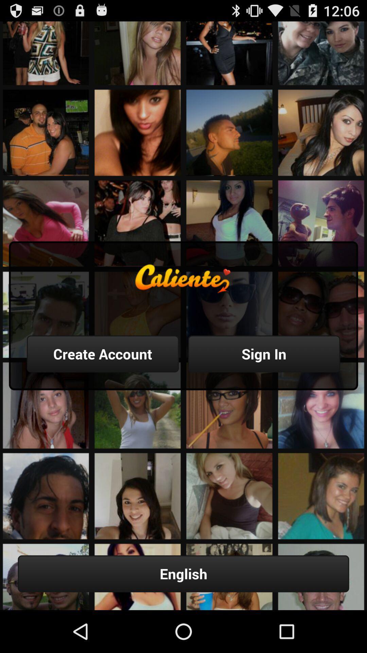  Describe the element at coordinates (264, 354) in the screenshot. I see `button on the right` at that location.